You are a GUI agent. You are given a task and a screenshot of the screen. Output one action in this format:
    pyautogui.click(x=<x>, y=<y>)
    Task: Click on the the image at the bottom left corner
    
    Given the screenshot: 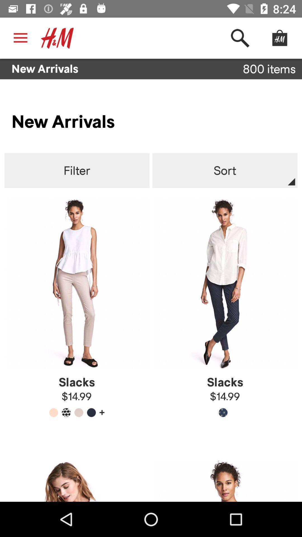 What is the action you would take?
    pyautogui.click(x=77, y=481)
    